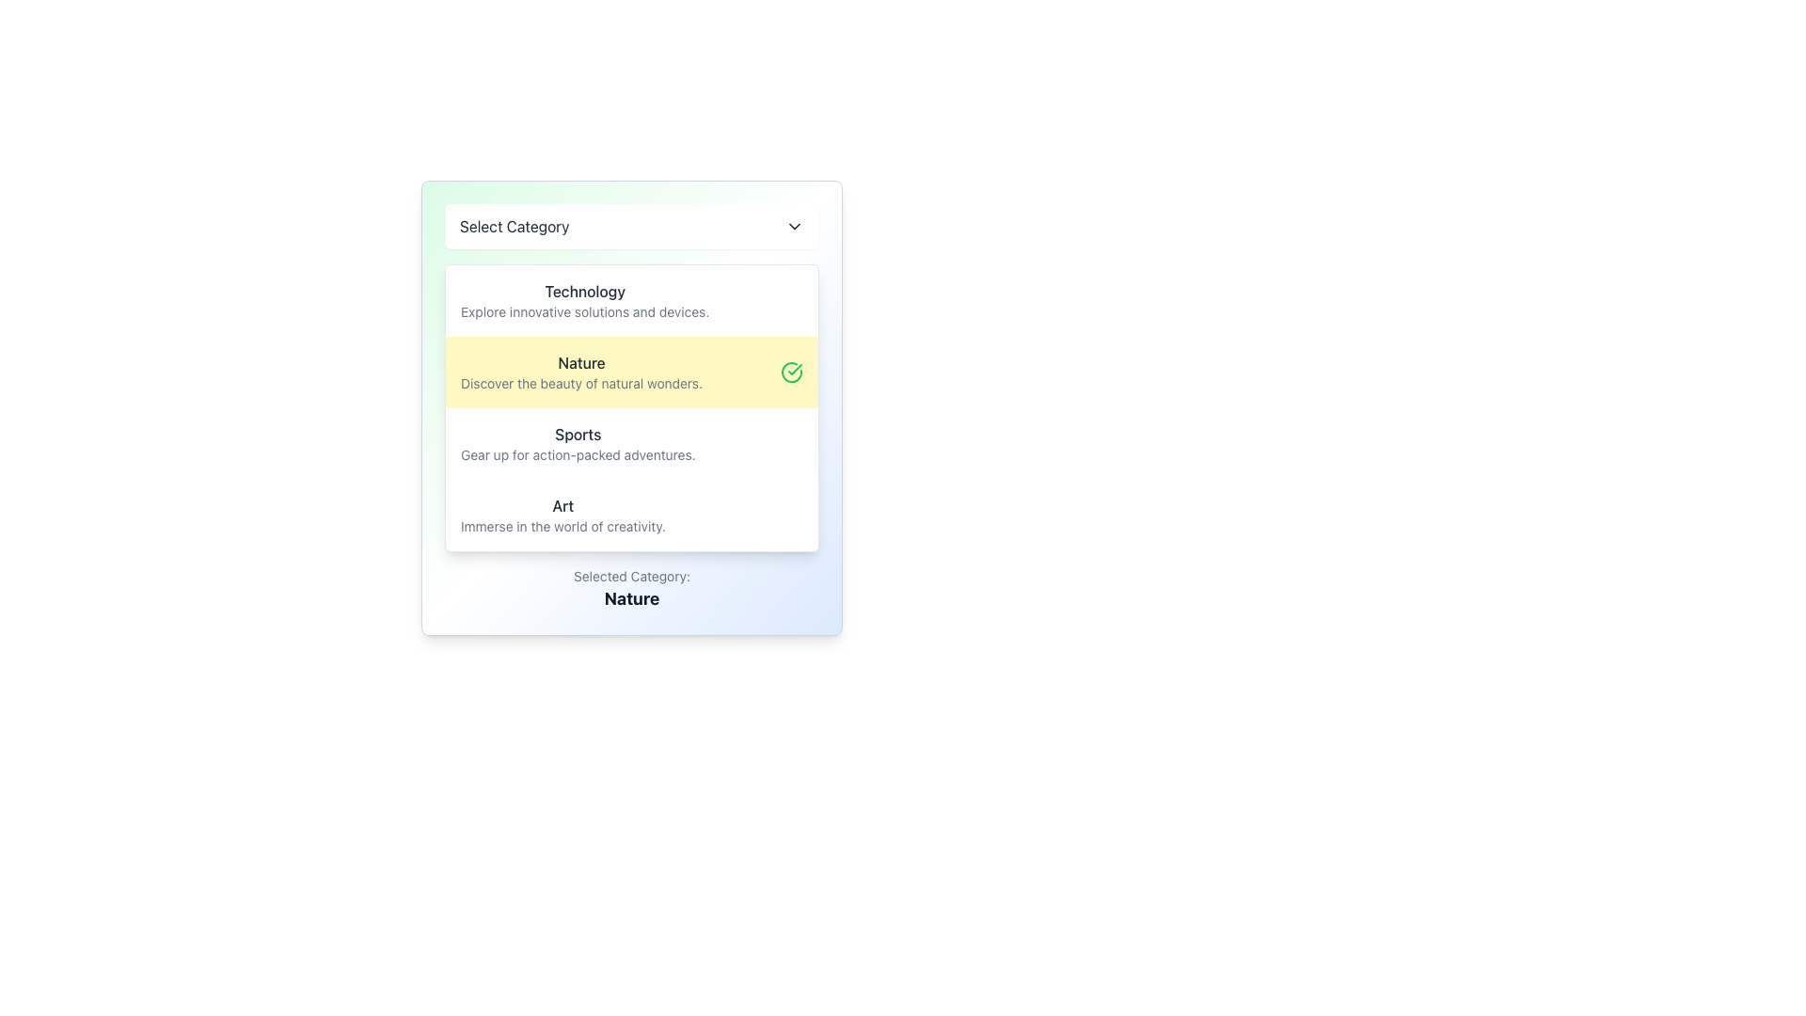 The height and width of the screenshot is (1016, 1806). I want to click on the downward-pointing chevron icon located on the far right side of the 'Select Category' button, so click(794, 225).